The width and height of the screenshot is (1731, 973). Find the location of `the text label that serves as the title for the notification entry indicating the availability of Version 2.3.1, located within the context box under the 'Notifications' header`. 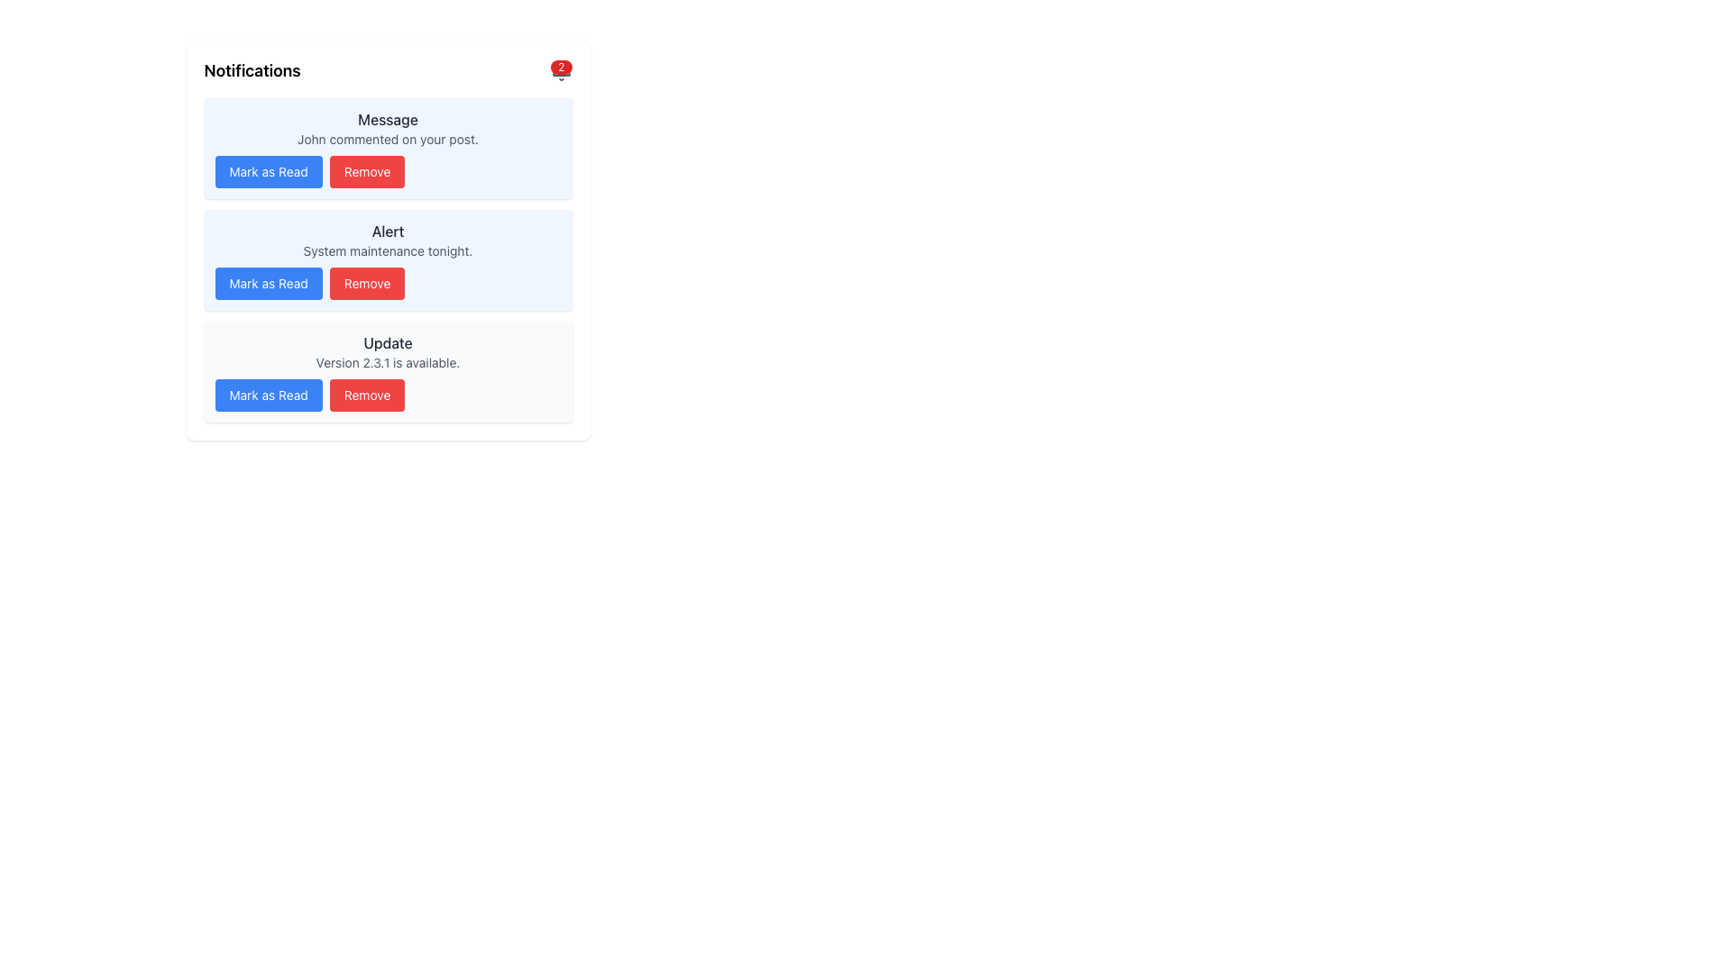

the text label that serves as the title for the notification entry indicating the availability of Version 2.3.1, located within the context box under the 'Notifications' header is located at coordinates (387, 343).